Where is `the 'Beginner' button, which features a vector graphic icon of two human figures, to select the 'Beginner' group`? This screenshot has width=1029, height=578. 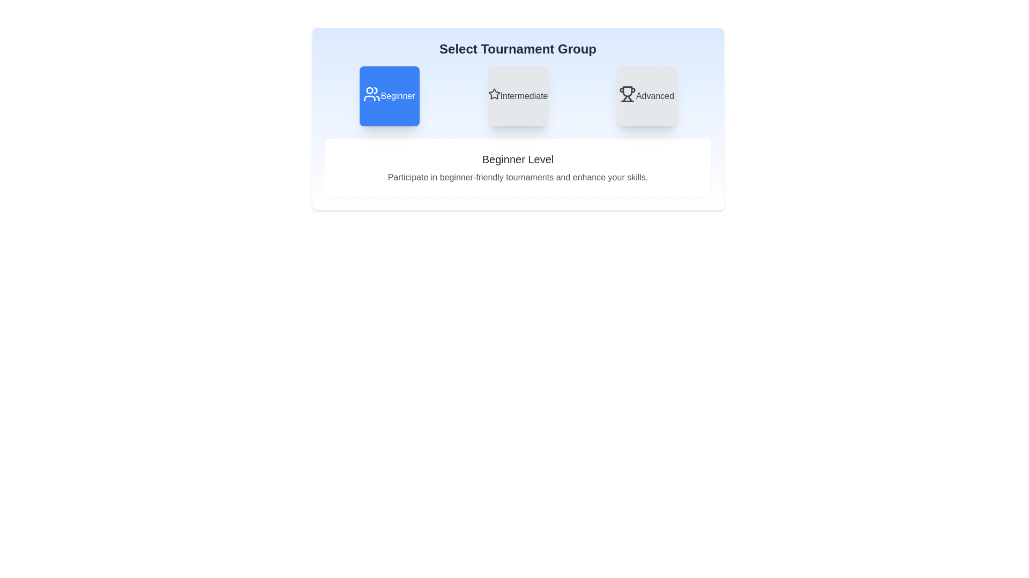 the 'Beginner' button, which features a vector graphic icon of two human figures, to select the 'Beginner' group is located at coordinates (372, 94).